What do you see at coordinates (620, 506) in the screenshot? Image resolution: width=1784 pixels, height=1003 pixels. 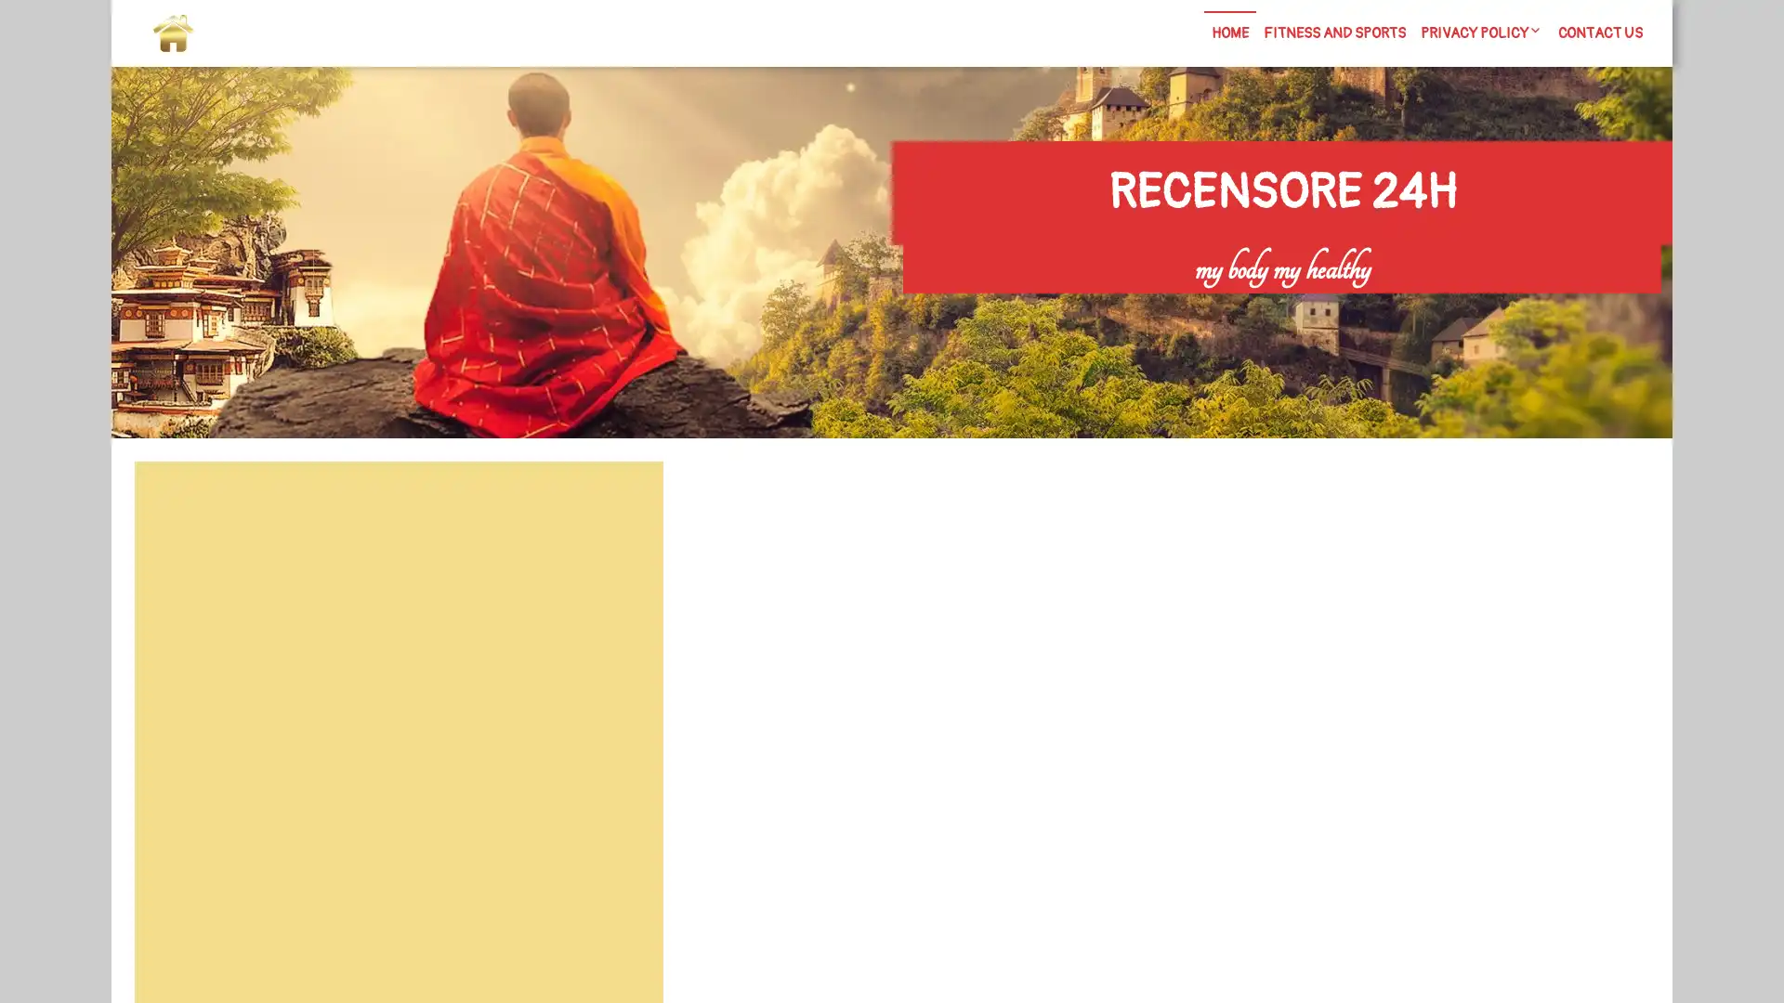 I see `Search` at bounding box center [620, 506].